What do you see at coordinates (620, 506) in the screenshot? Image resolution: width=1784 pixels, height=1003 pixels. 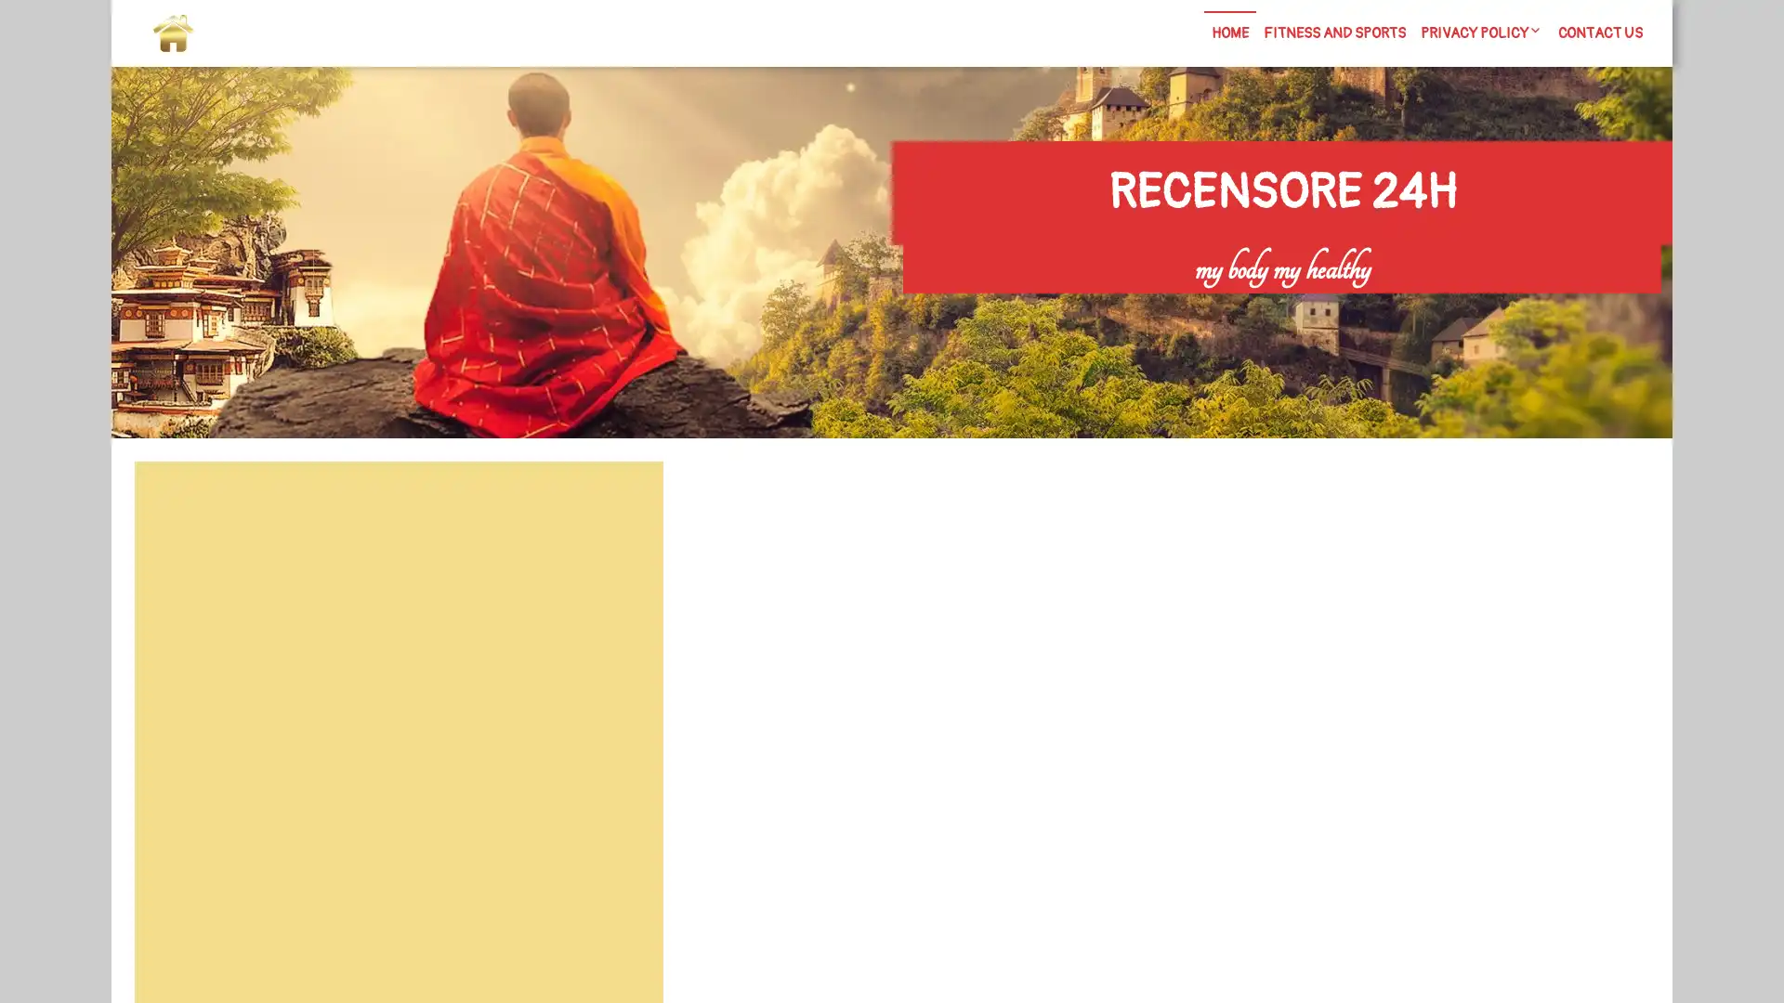 I see `Search` at bounding box center [620, 506].